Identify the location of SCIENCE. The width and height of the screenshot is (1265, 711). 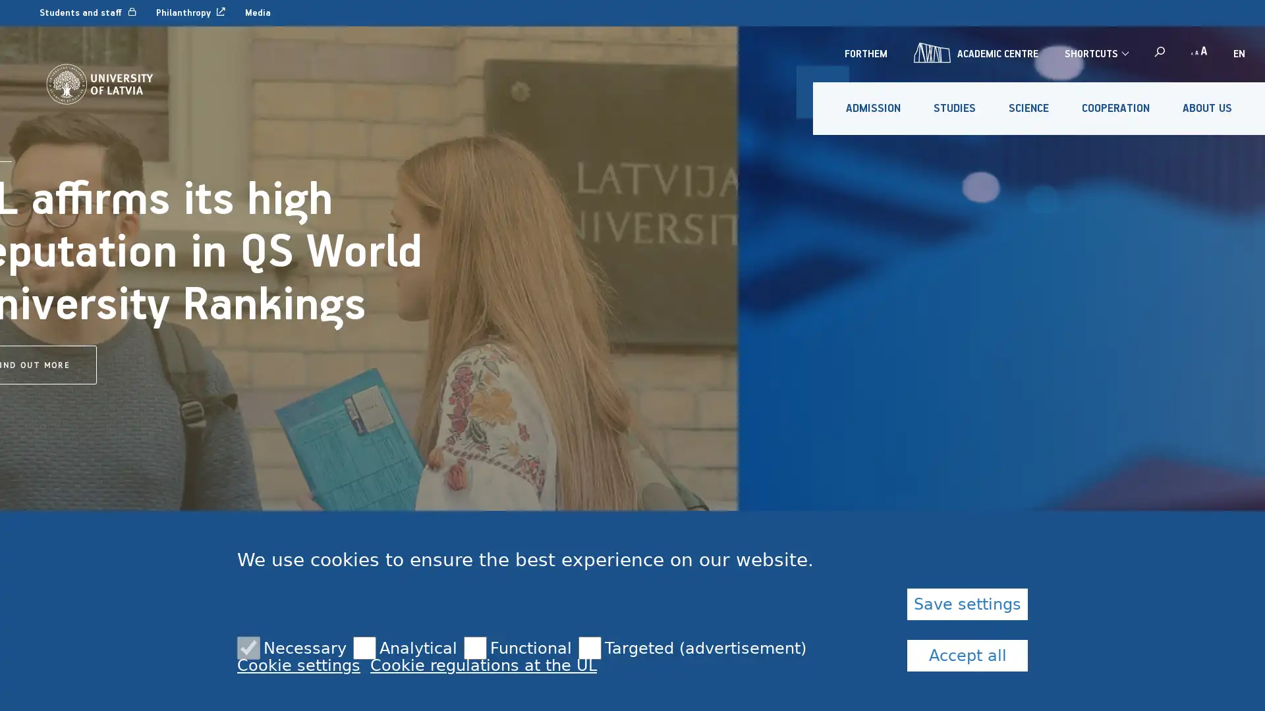
(1028, 108).